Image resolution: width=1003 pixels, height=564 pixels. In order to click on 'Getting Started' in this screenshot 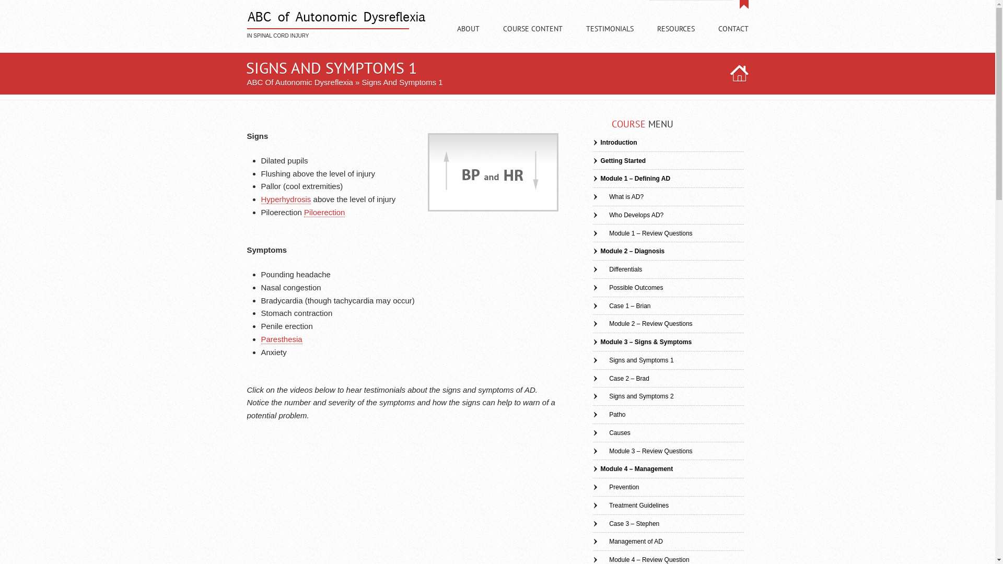, I will do `click(619, 161)`.